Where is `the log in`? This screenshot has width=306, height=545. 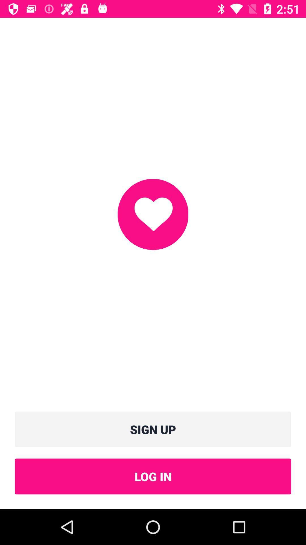
the log in is located at coordinates (153, 476).